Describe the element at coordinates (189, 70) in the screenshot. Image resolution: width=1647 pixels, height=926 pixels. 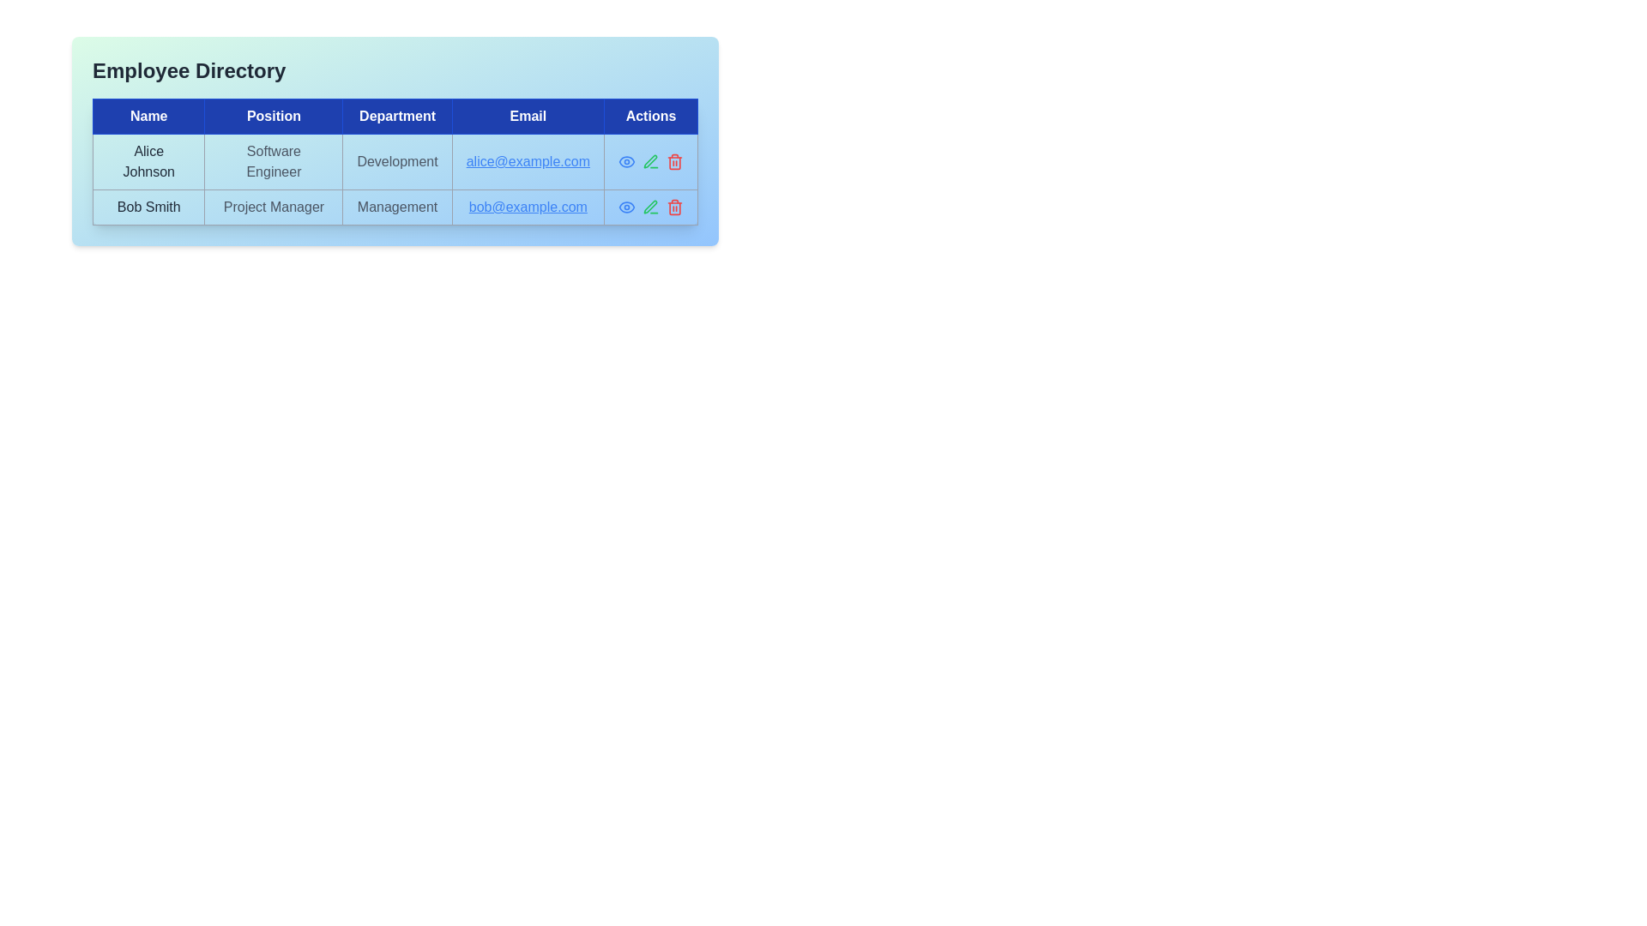
I see `the text label or heading that serves as the title for the employee directory, located at the top-left portion of the interface` at that location.